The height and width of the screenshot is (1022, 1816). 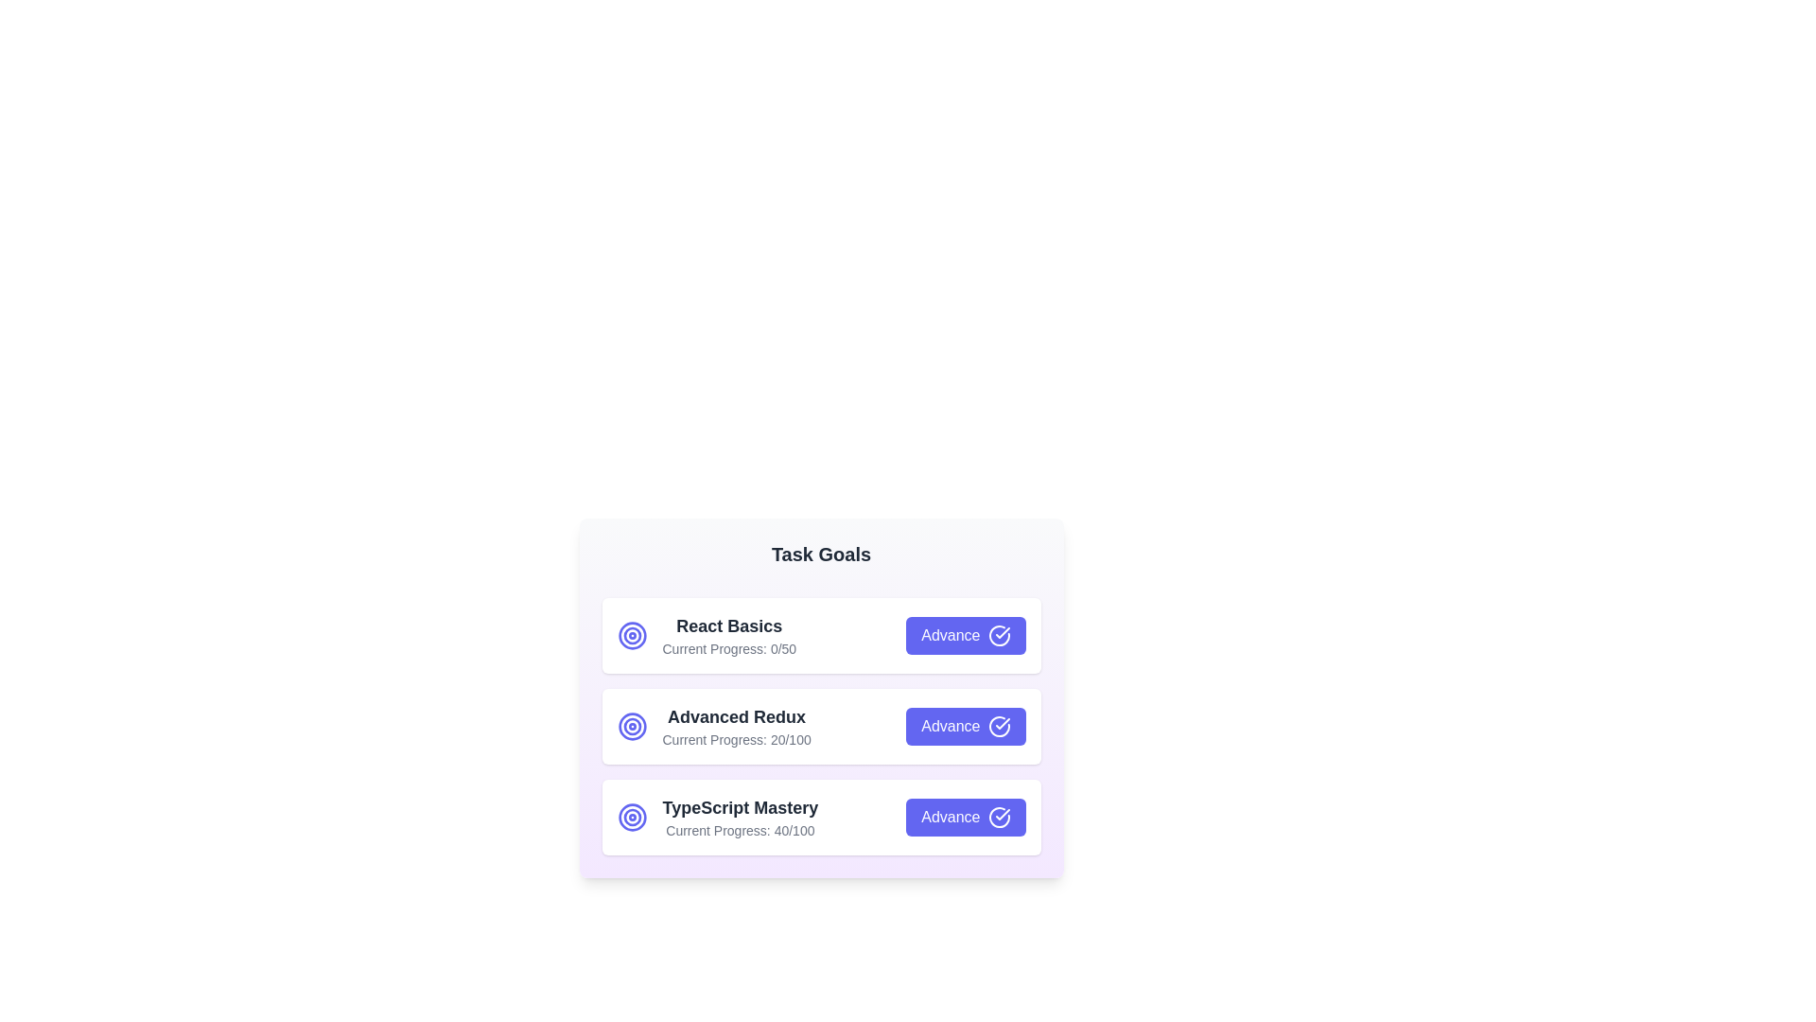 What do you see at coordinates (1002, 813) in the screenshot?
I see `the decorative checkmark inside the 'Advance' button, which indicates confirmation or progress, located next to the text 'TypeScript Mastery' in the 'Task Goals' section` at bounding box center [1002, 813].